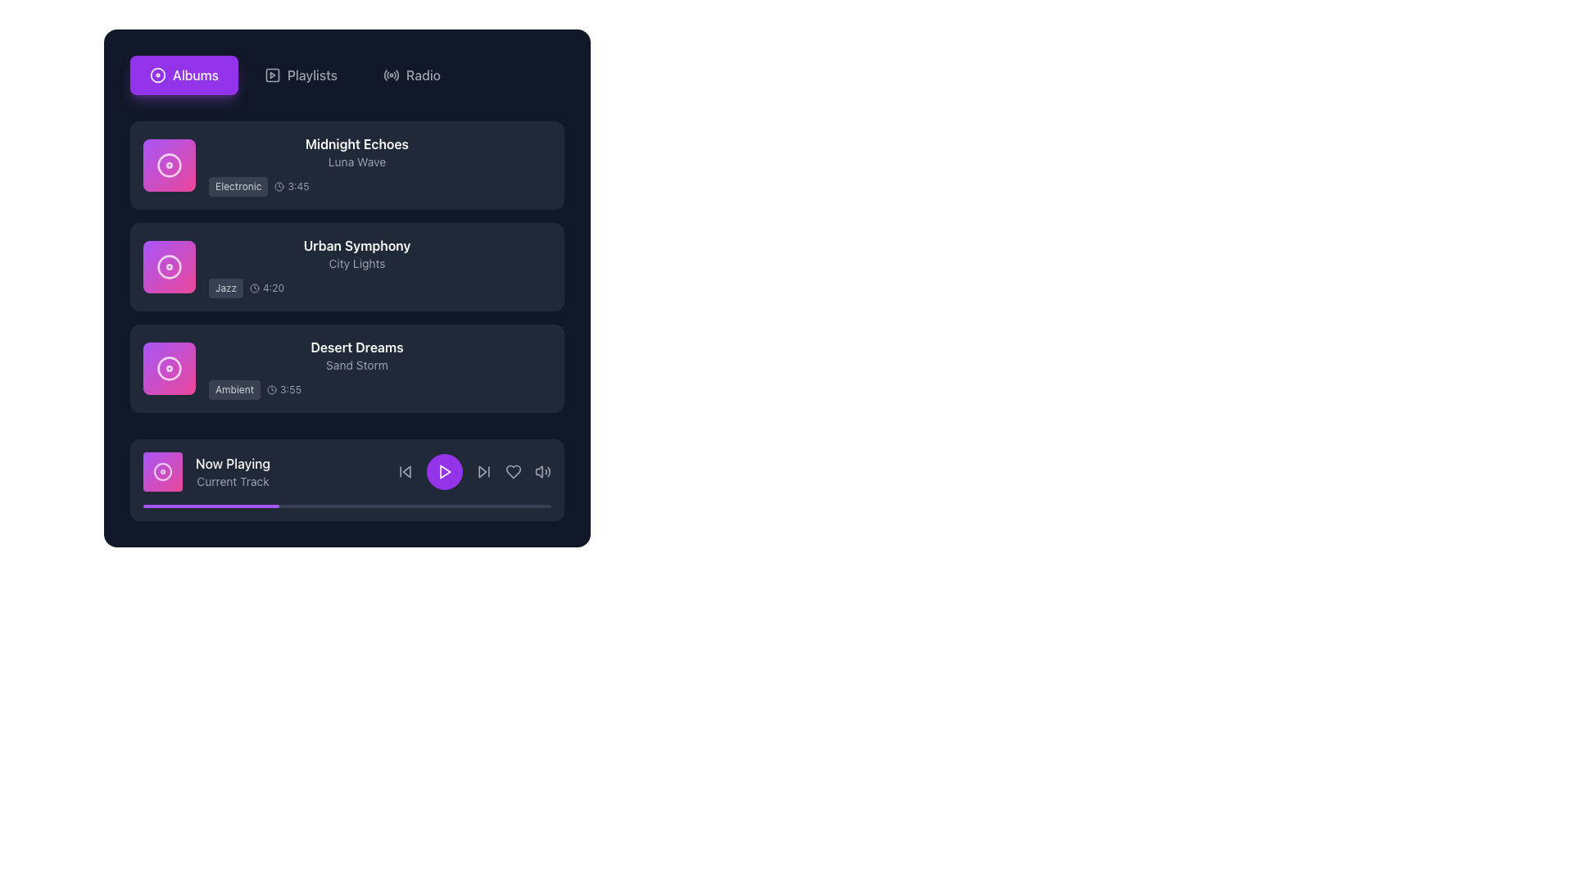 The height and width of the screenshot is (885, 1573). What do you see at coordinates (391, 75) in the screenshot?
I see `the decorative icon indicating the association with broadcasting or radio services in the navigation menu, located between the 'Playlists' button and the 'Radio' text label` at bounding box center [391, 75].